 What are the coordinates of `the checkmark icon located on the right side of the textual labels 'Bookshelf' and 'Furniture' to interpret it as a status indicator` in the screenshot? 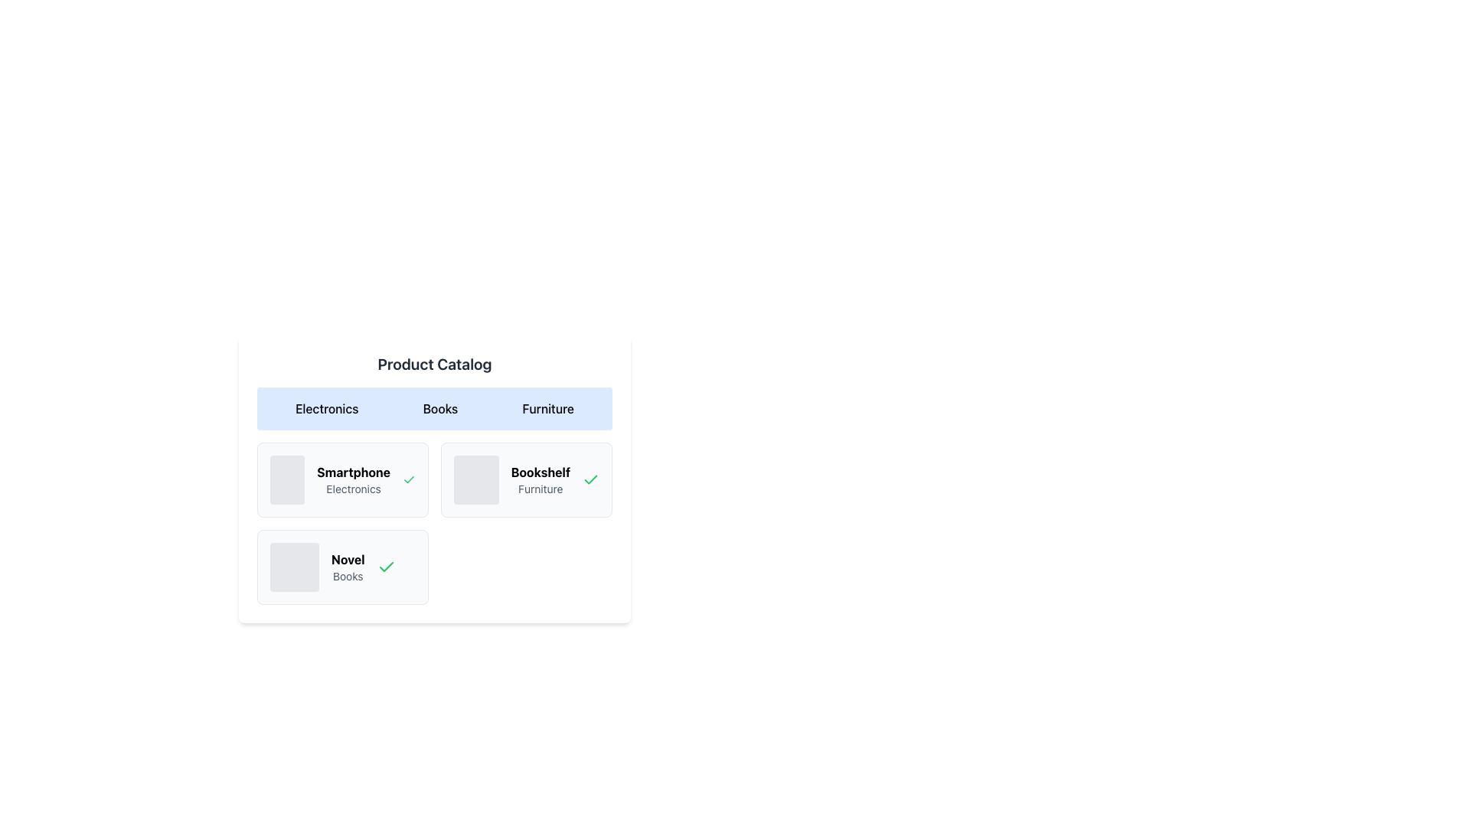 It's located at (590, 479).